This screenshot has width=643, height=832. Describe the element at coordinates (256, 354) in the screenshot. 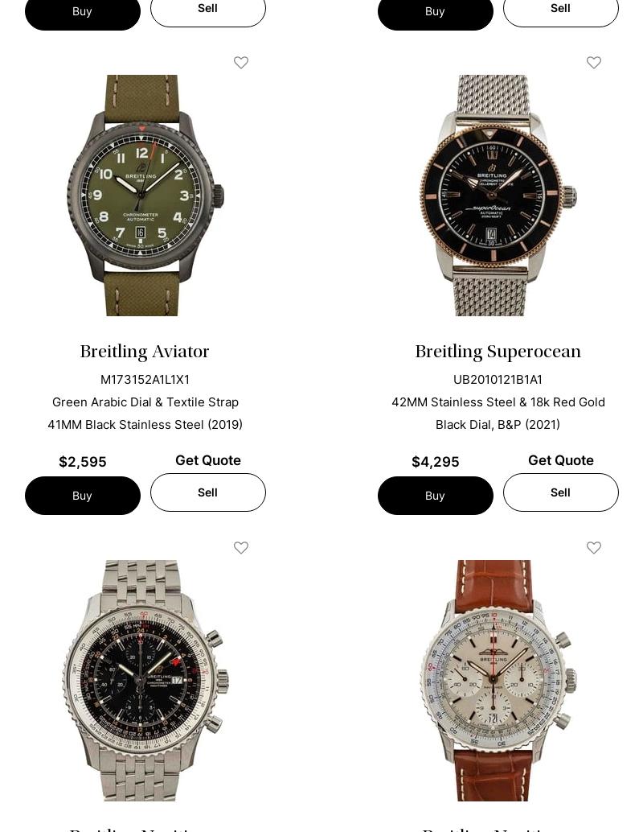

I see `'Are You Selling Your Breitling Watch?'` at that location.